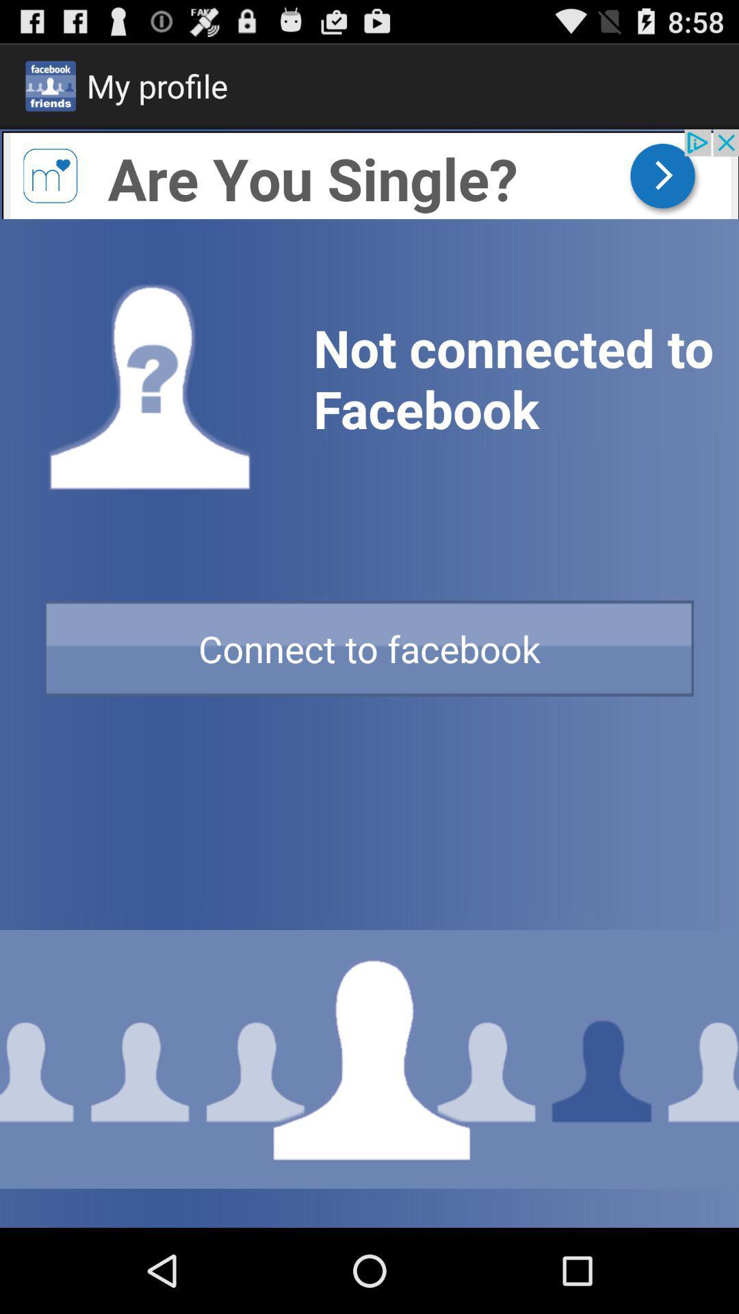  Describe the element at coordinates (369, 173) in the screenshot. I see `go next` at that location.